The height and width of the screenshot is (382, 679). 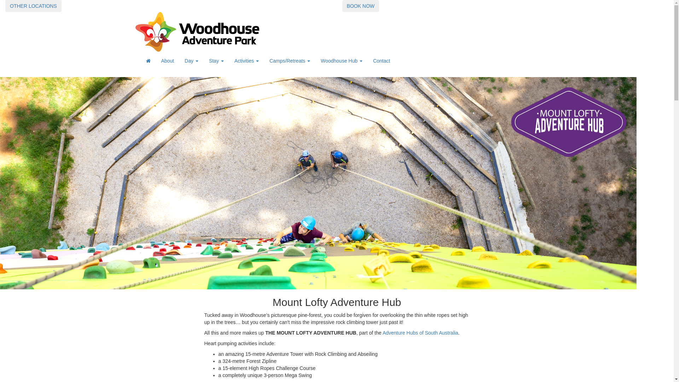 I want to click on 'Activities', so click(x=246, y=60).